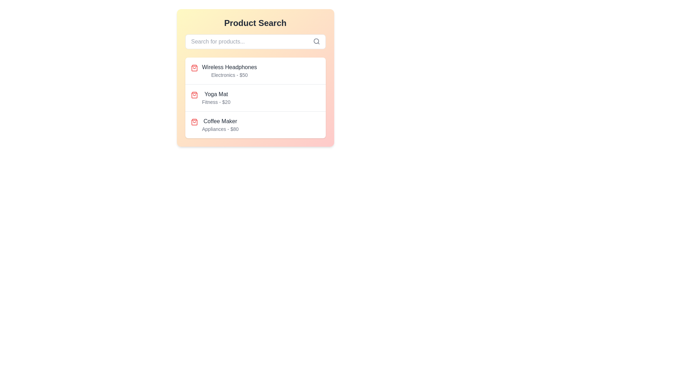 This screenshot has width=674, height=379. I want to click on the descriptive text label for 'Wireless Headphones', which provides details about its category and price, so click(229, 75).